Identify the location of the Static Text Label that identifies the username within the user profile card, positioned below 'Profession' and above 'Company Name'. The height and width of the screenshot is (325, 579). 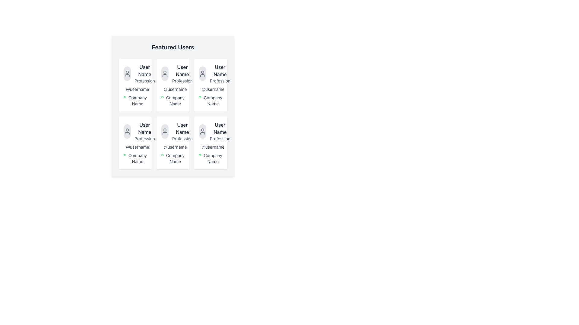
(172, 89).